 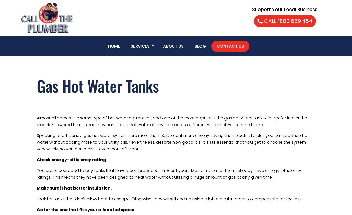 I want to click on 'Almost all homes use some type of hot water equipment, and one of the most popular is the gas hot water tank. A lot prefer it over the electric-powered tanks since they can deliver hot water at any time across different water networks in the home.', so click(x=37, y=121).